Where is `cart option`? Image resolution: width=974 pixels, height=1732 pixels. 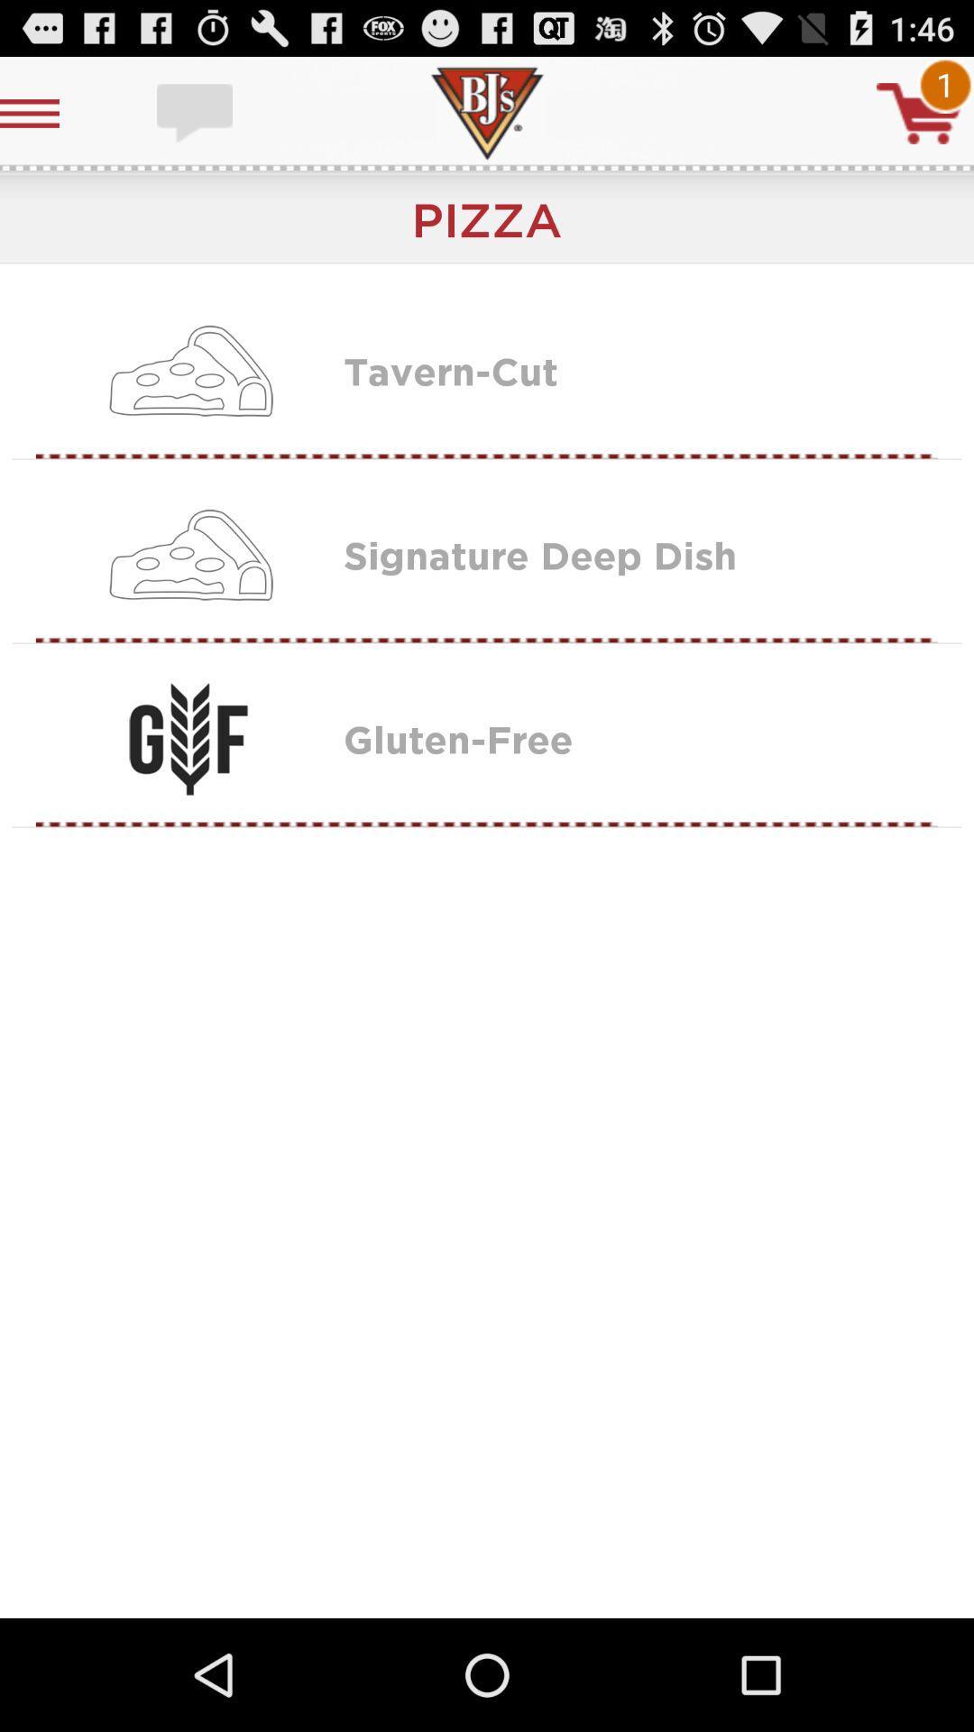 cart option is located at coordinates (919, 112).